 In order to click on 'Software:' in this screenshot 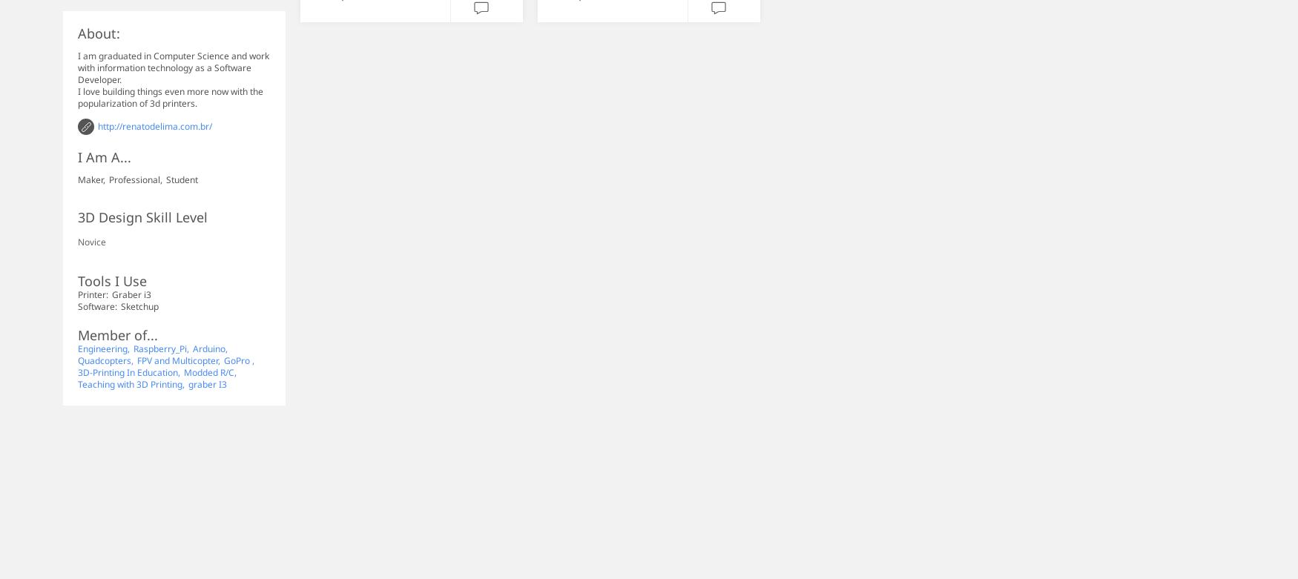, I will do `click(96, 305)`.